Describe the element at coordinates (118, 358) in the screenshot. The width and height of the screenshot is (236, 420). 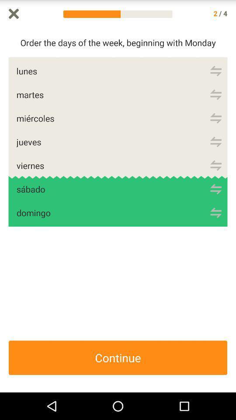
I see `continue button` at that location.